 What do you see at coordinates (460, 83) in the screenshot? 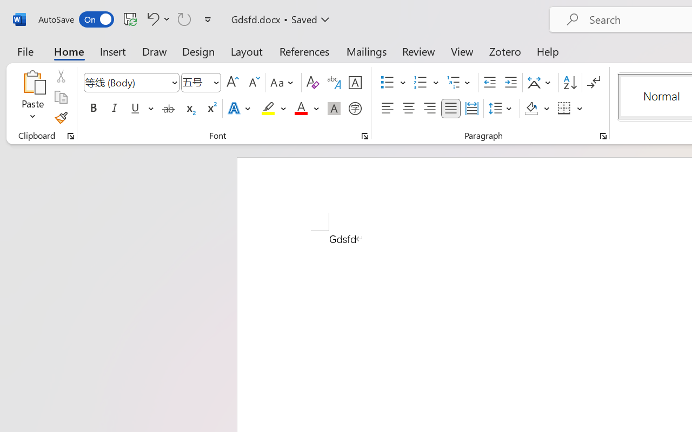
I see `'Multilevel List'` at bounding box center [460, 83].